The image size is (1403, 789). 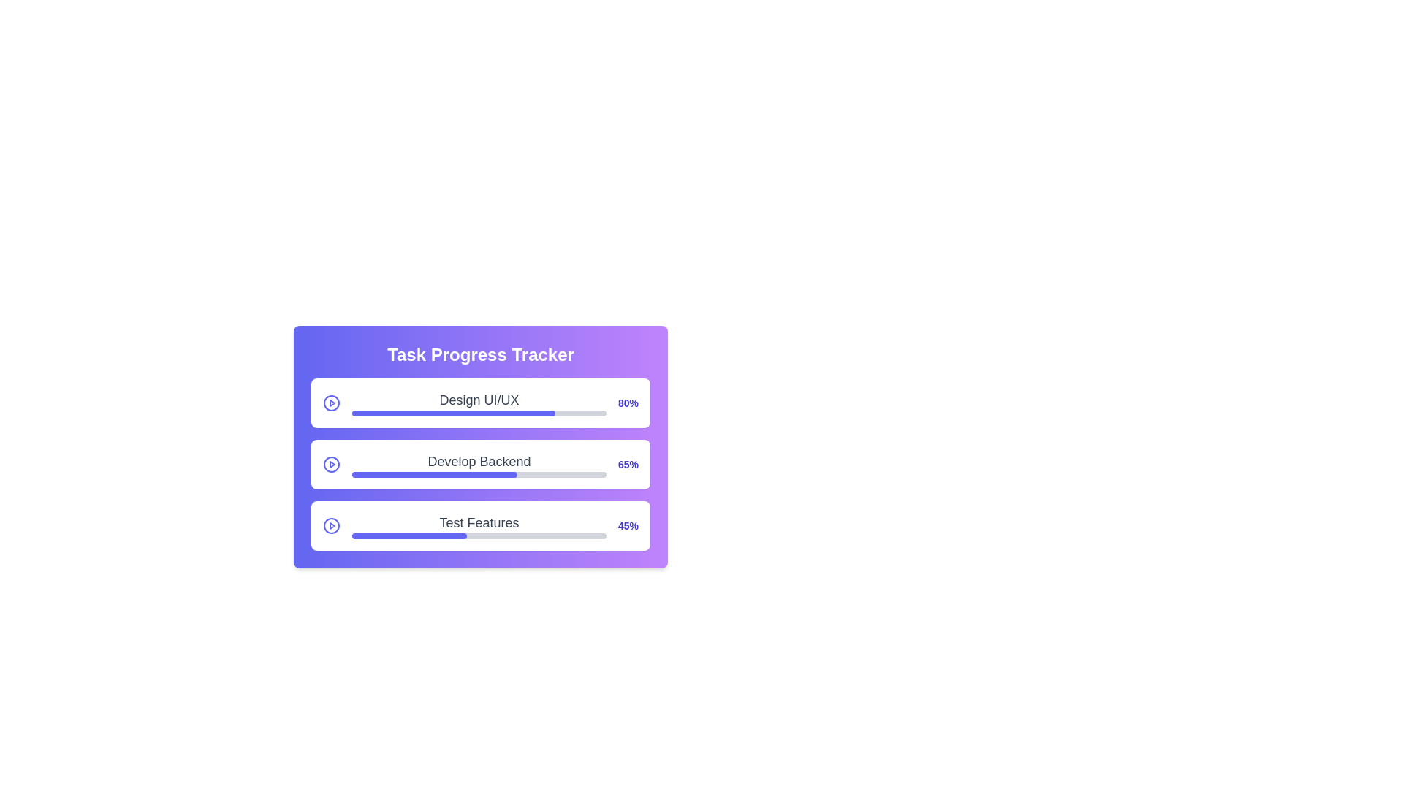 I want to click on the circular indigo button with a play symbol located to the left of the 'Test Features' section in the task tracker interface, so click(x=331, y=526).